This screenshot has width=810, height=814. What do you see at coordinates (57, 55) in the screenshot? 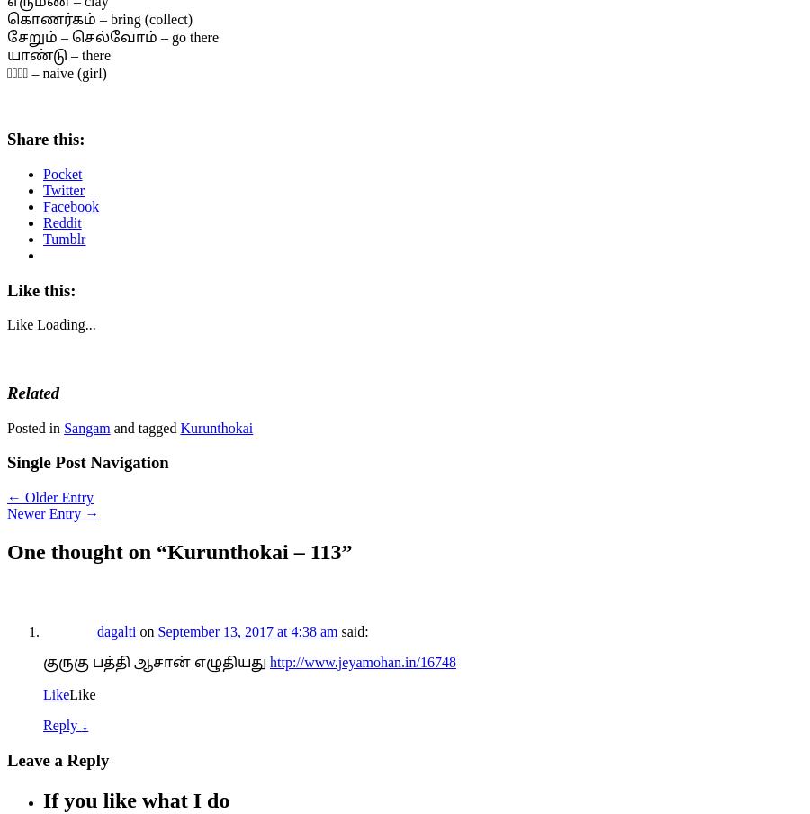
I see `'யாண்டு – there'` at bounding box center [57, 55].